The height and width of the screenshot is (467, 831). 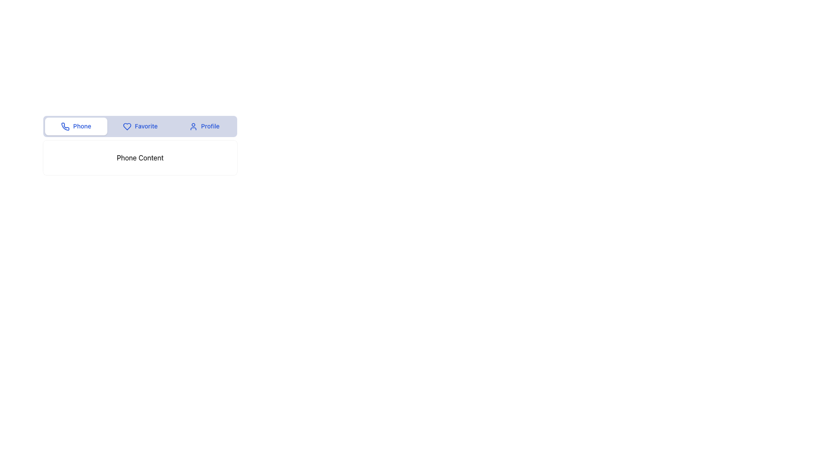 I want to click on the 'Profile' tab SVG icon located within the navigation bar on the right-hand side, which precedes the textual label 'Profile', so click(x=193, y=127).